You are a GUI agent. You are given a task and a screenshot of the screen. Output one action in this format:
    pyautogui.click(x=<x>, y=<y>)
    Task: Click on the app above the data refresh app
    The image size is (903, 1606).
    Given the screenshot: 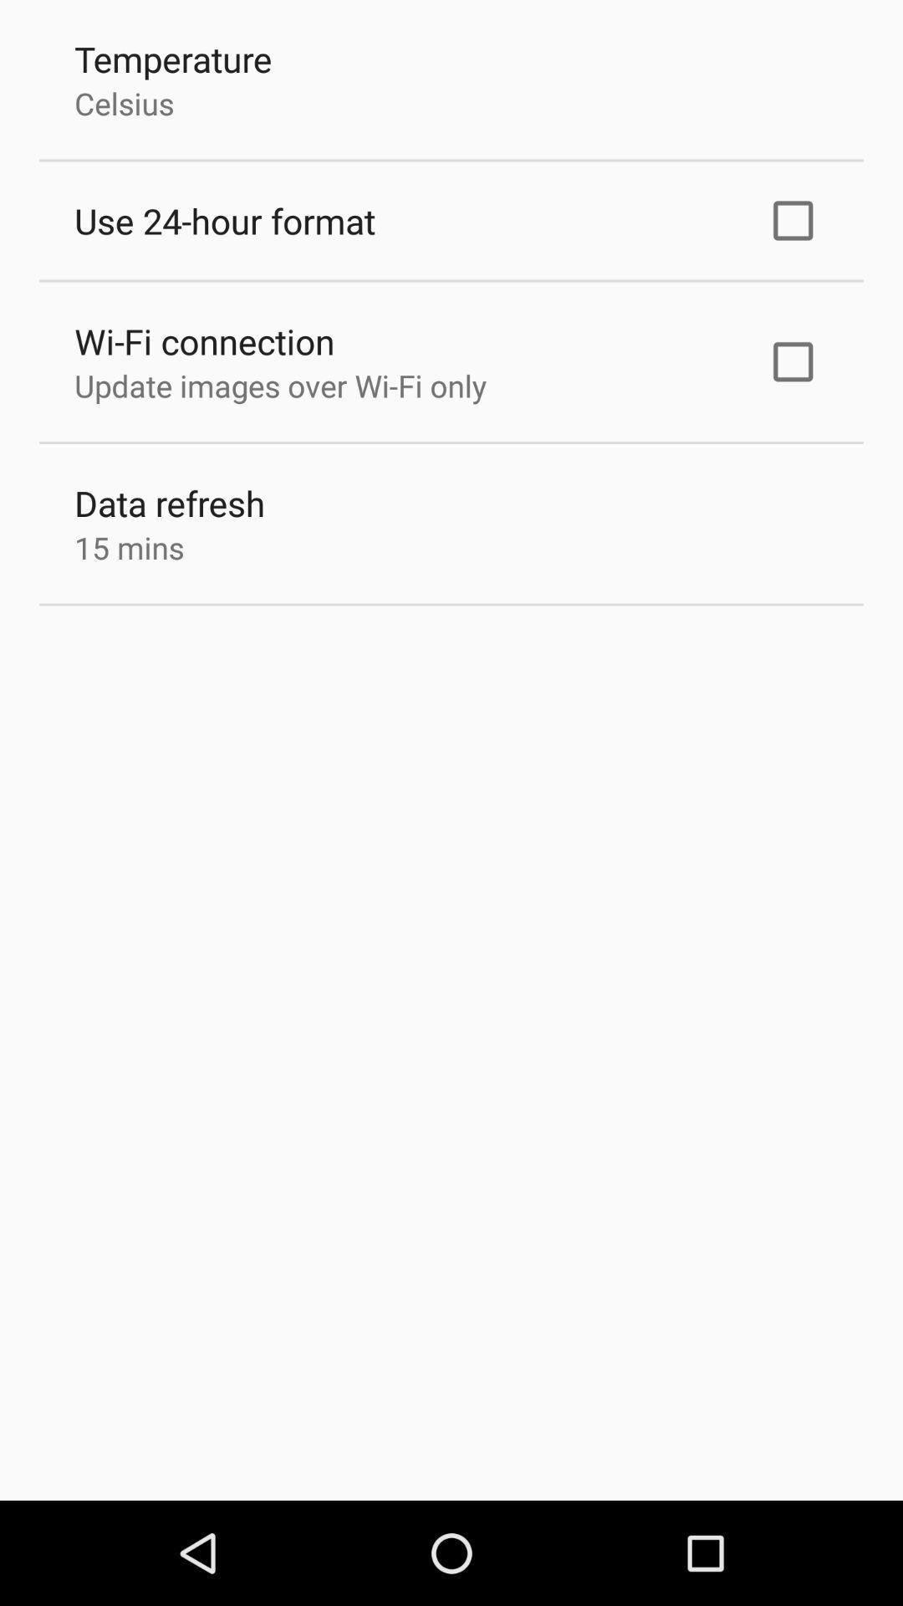 What is the action you would take?
    pyautogui.click(x=279, y=385)
    